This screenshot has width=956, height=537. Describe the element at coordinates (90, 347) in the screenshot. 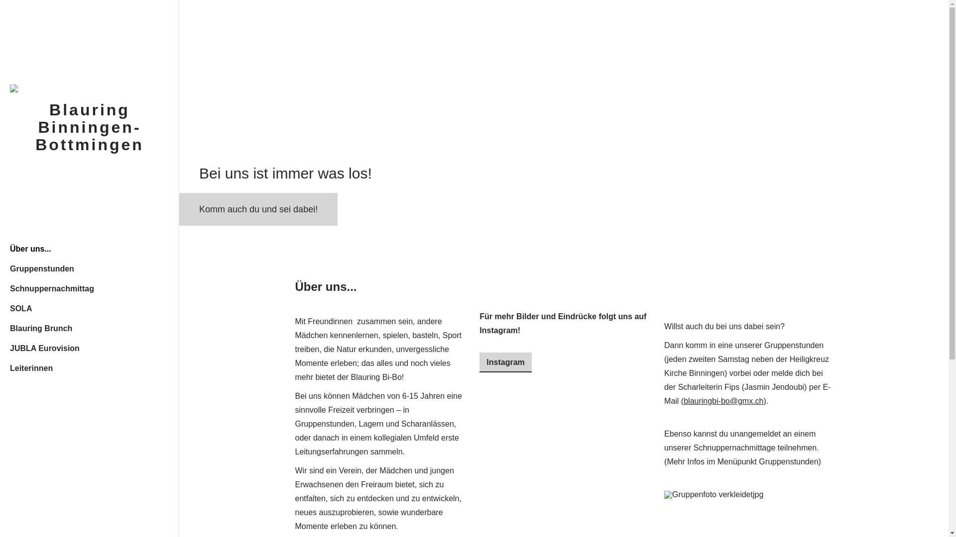

I see `'JUBLA Eurovision'` at that location.